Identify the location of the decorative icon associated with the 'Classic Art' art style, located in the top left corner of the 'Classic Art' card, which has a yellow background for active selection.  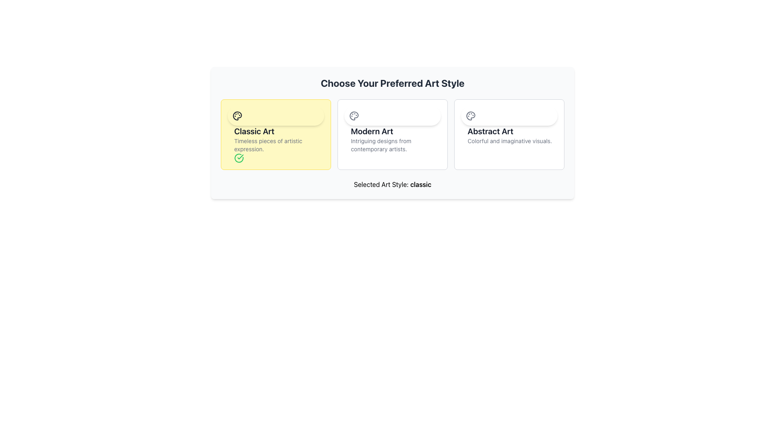
(237, 116).